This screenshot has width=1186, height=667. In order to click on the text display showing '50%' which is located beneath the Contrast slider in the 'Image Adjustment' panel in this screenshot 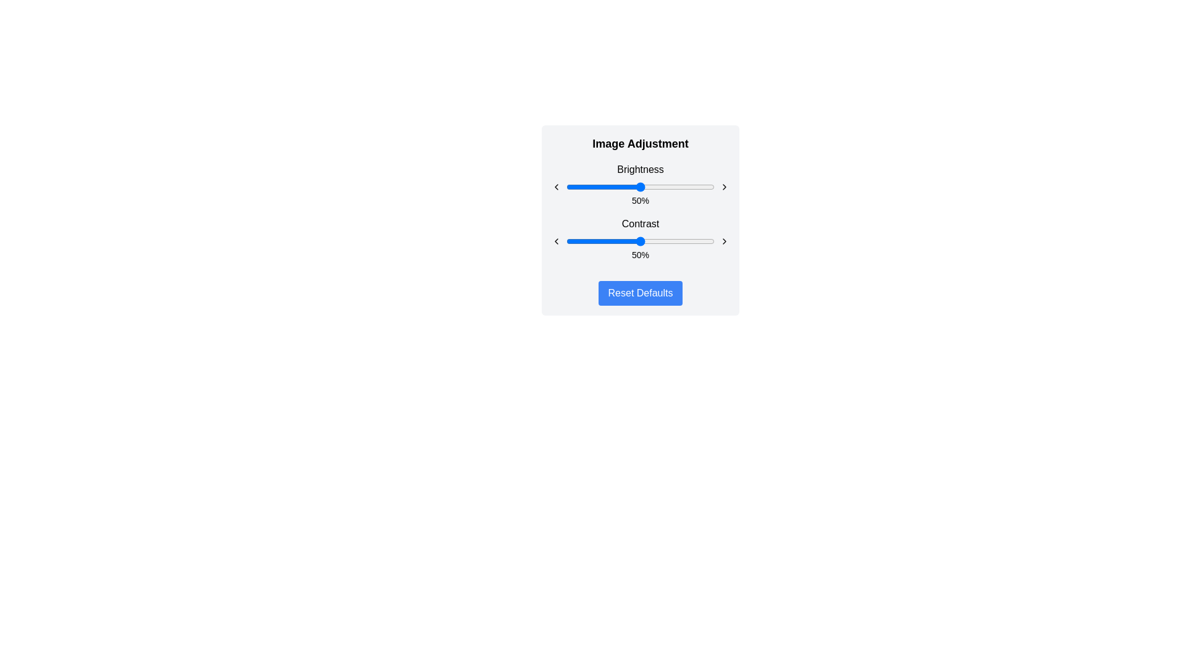, I will do `click(640, 254)`.